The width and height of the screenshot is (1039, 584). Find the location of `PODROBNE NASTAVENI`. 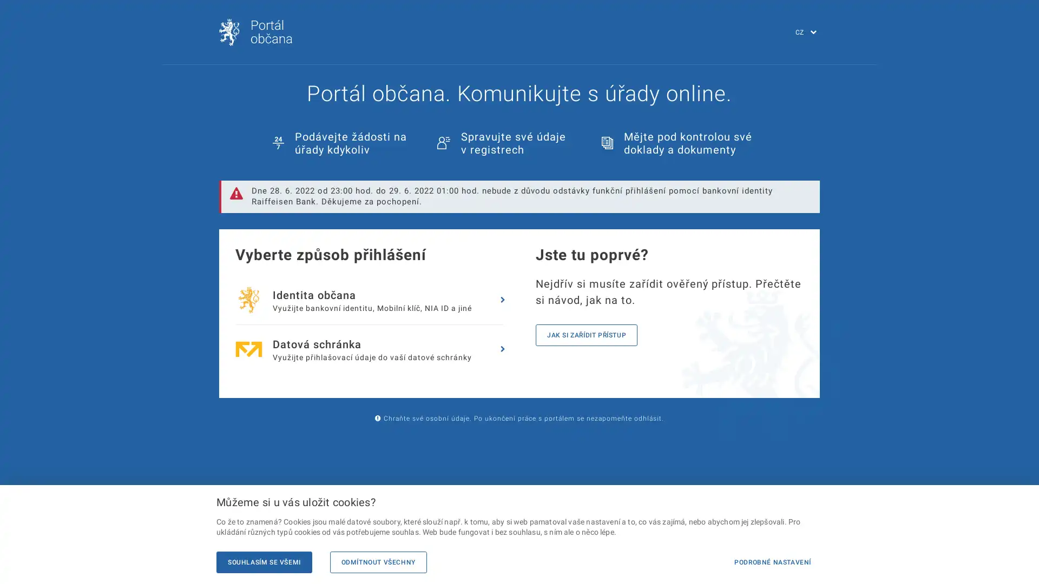

PODROBNE NASTAVENI is located at coordinates (772, 562).